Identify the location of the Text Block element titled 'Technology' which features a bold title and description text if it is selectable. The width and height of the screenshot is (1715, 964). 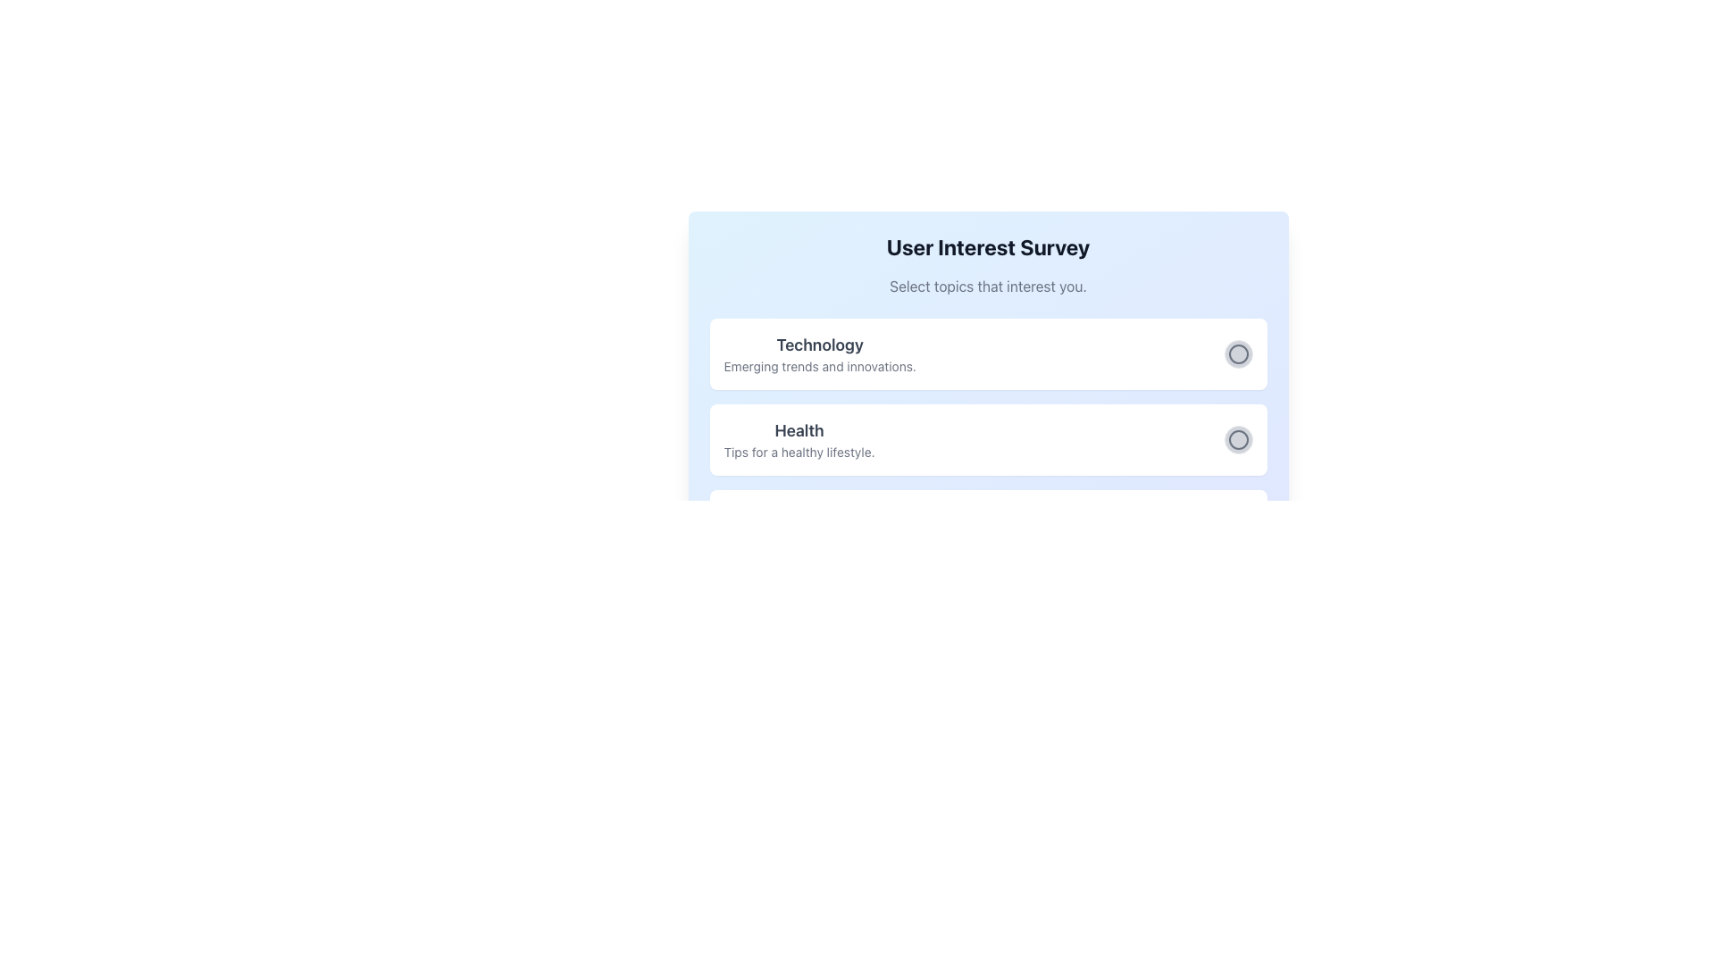
(818, 354).